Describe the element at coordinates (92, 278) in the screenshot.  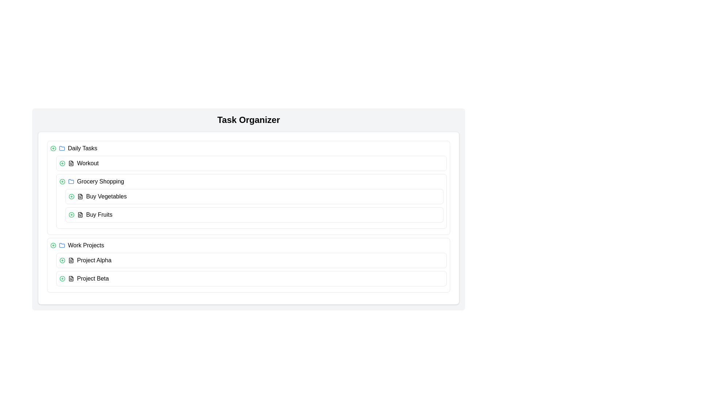
I see `the 'Project Beta' text label in the 'Work Projects' section` at that location.